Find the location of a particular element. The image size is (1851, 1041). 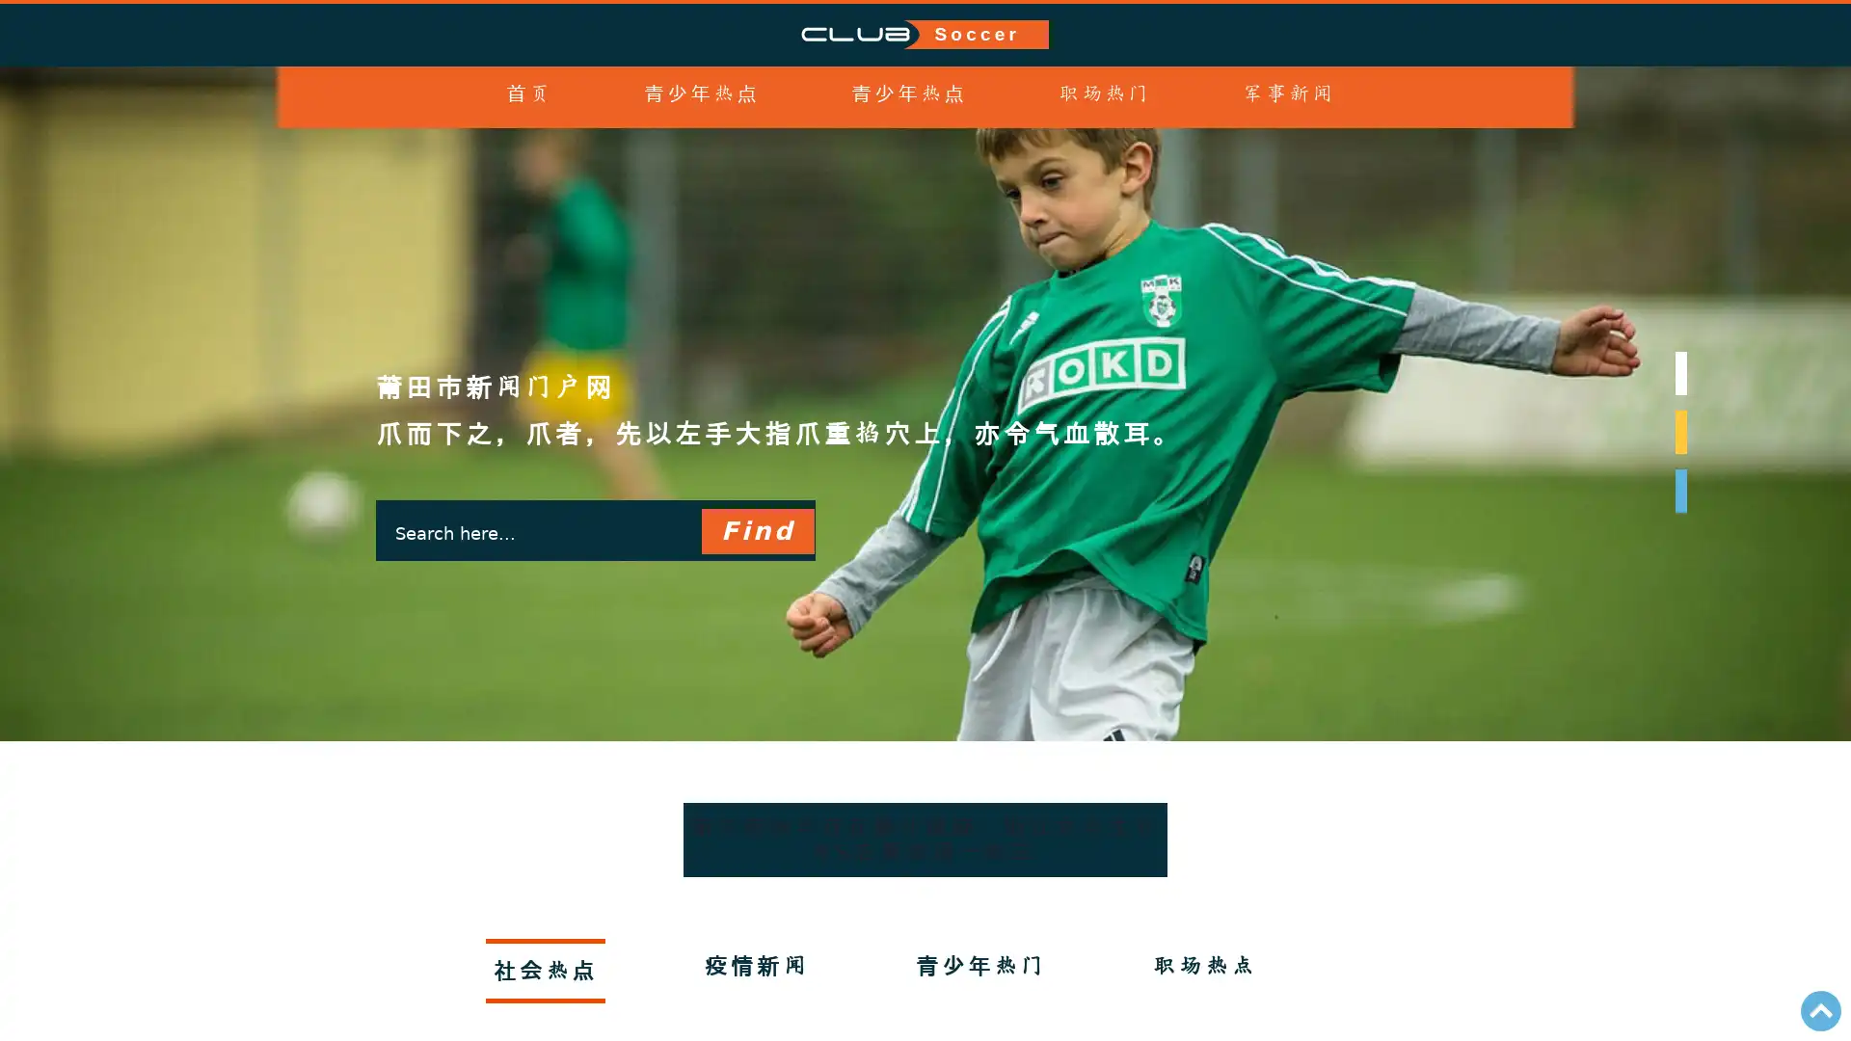

Find is located at coordinates (756, 531).